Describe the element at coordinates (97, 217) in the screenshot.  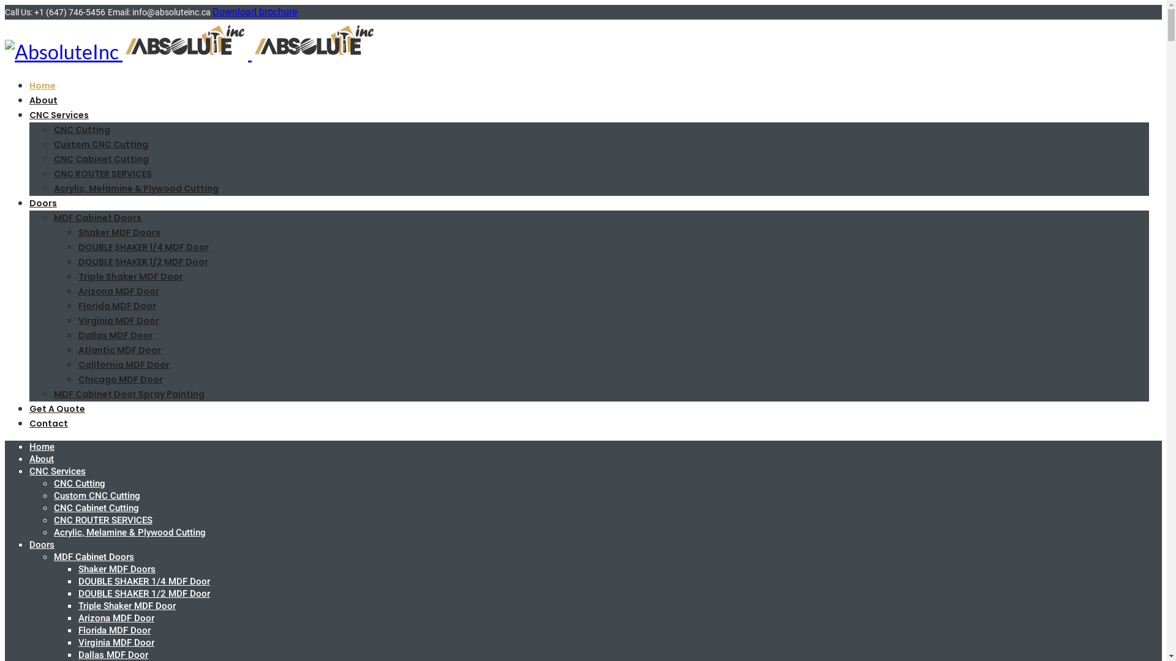
I see `'MDF Cabinet Doors'` at that location.